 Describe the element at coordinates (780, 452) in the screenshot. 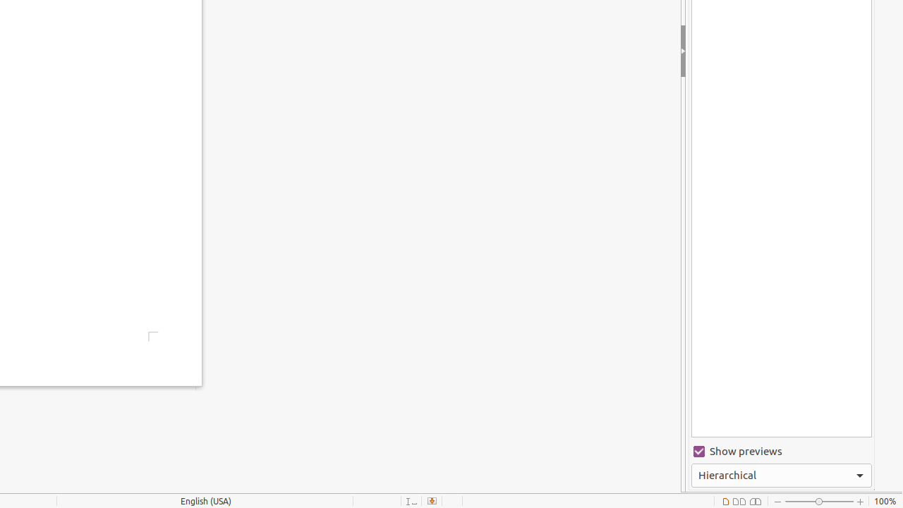

I see `'Show previews'` at that location.